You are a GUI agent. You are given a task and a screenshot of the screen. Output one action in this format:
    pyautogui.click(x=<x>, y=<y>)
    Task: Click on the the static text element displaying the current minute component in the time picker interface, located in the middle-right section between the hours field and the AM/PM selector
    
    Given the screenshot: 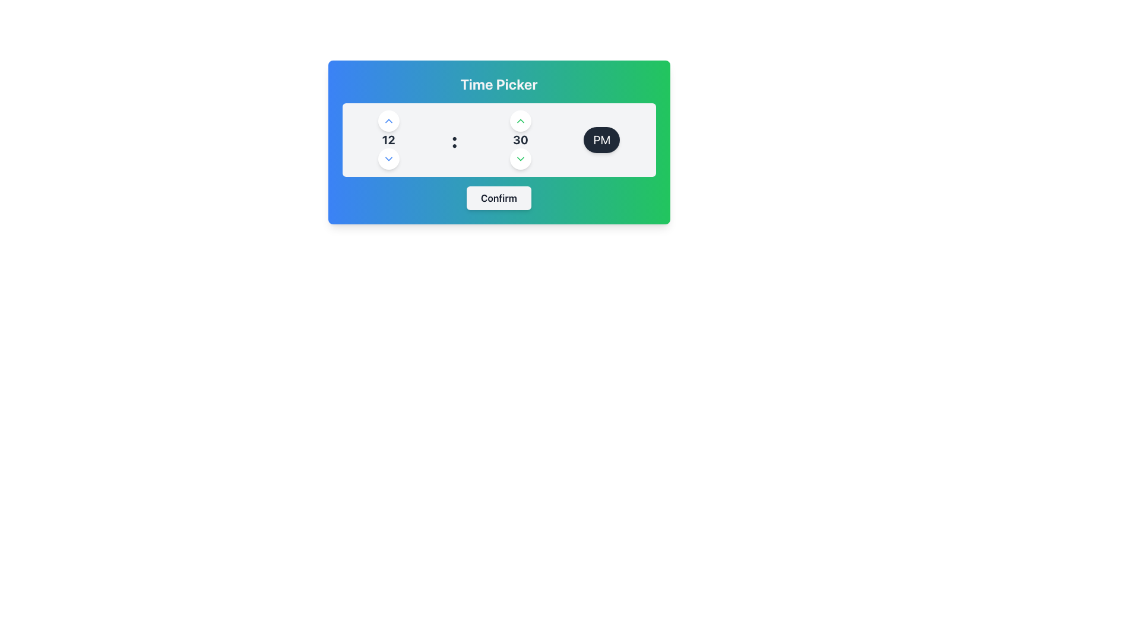 What is the action you would take?
    pyautogui.click(x=521, y=139)
    